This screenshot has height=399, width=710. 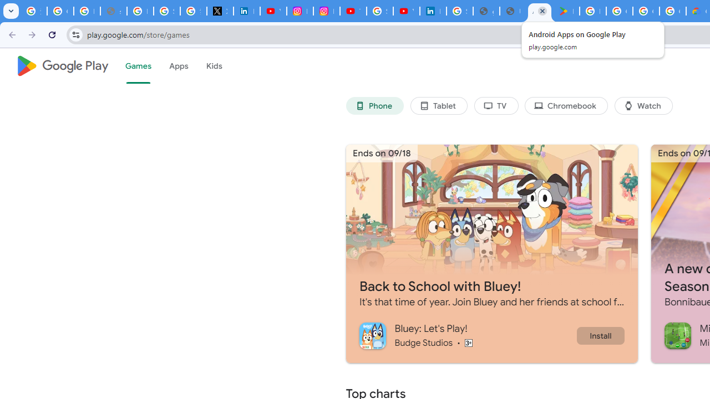 What do you see at coordinates (486, 11) in the screenshot?
I see `'google_privacy_policy_en.pdf'` at bounding box center [486, 11].